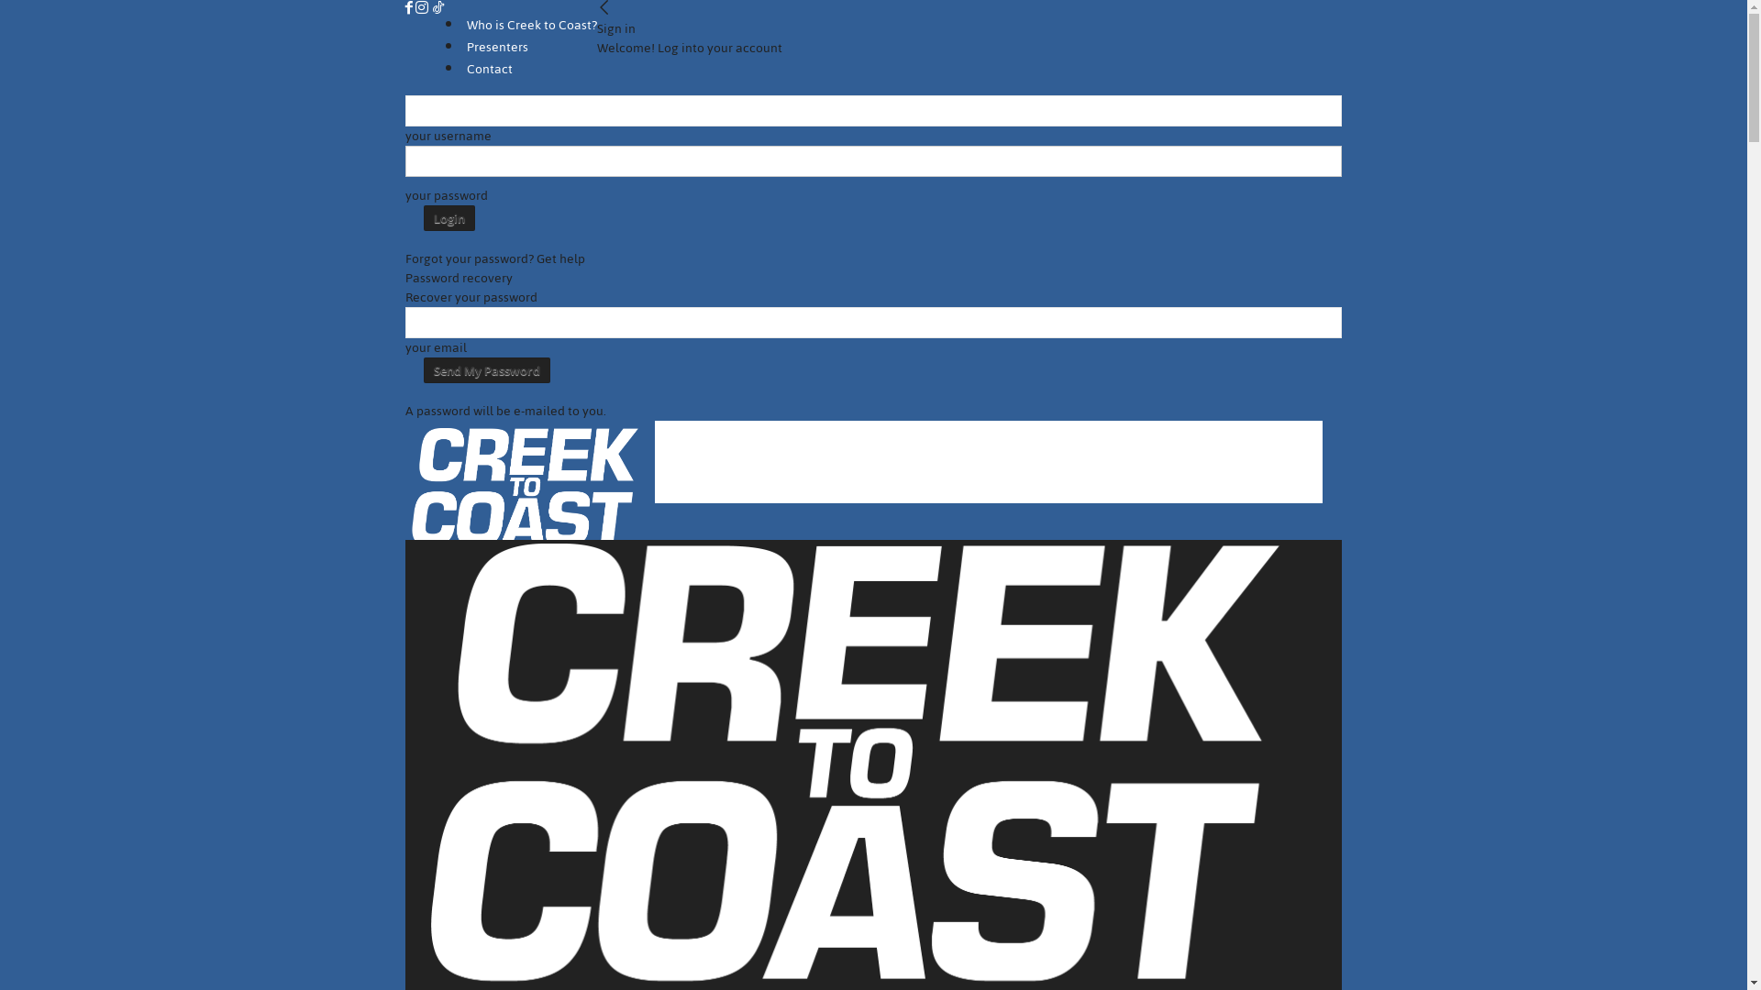 The width and height of the screenshot is (1761, 990). What do you see at coordinates (497, 46) in the screenshot?
I see `'Presenters'` at bounding box center [497, 46].